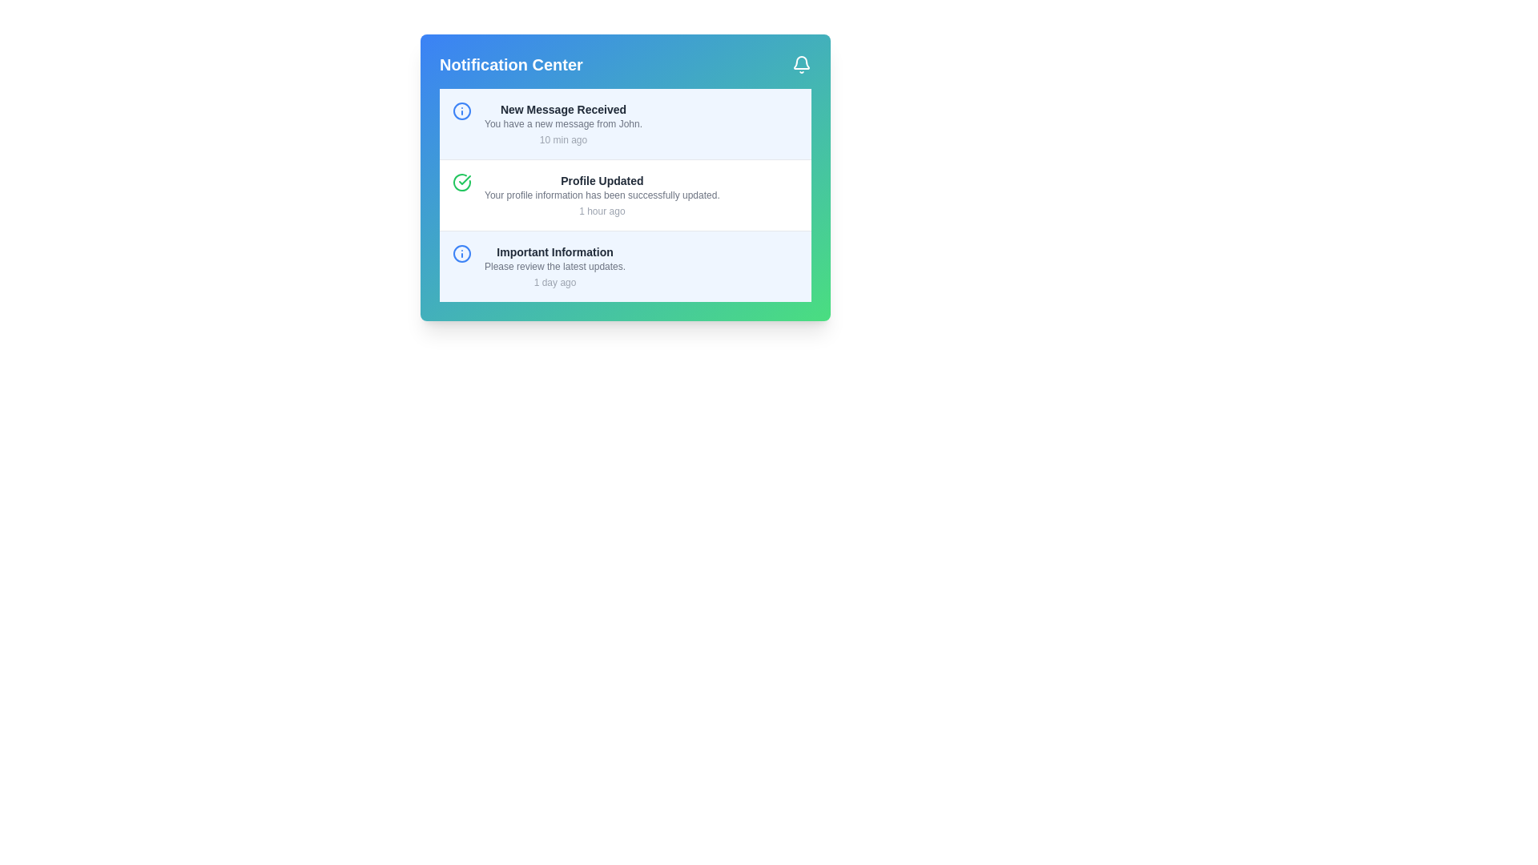 The width and height of the screenshot is (1538, 865). What do you see at coordinates (464, 179) in the screenshot?
I see `the approval icon located in the middle of the 'Profile Updated' notification item in the notification center interface` at bounding box center [464, 179].